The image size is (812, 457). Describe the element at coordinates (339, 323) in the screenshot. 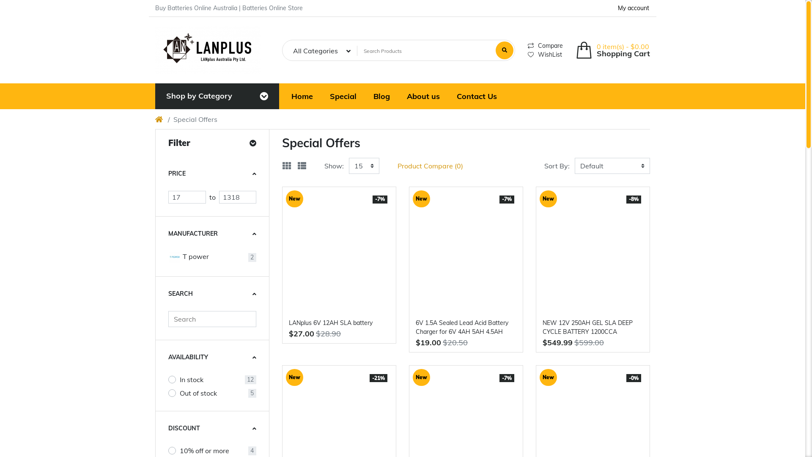

I see `'LANplus 6V 12AH SLA battery'` at that location.